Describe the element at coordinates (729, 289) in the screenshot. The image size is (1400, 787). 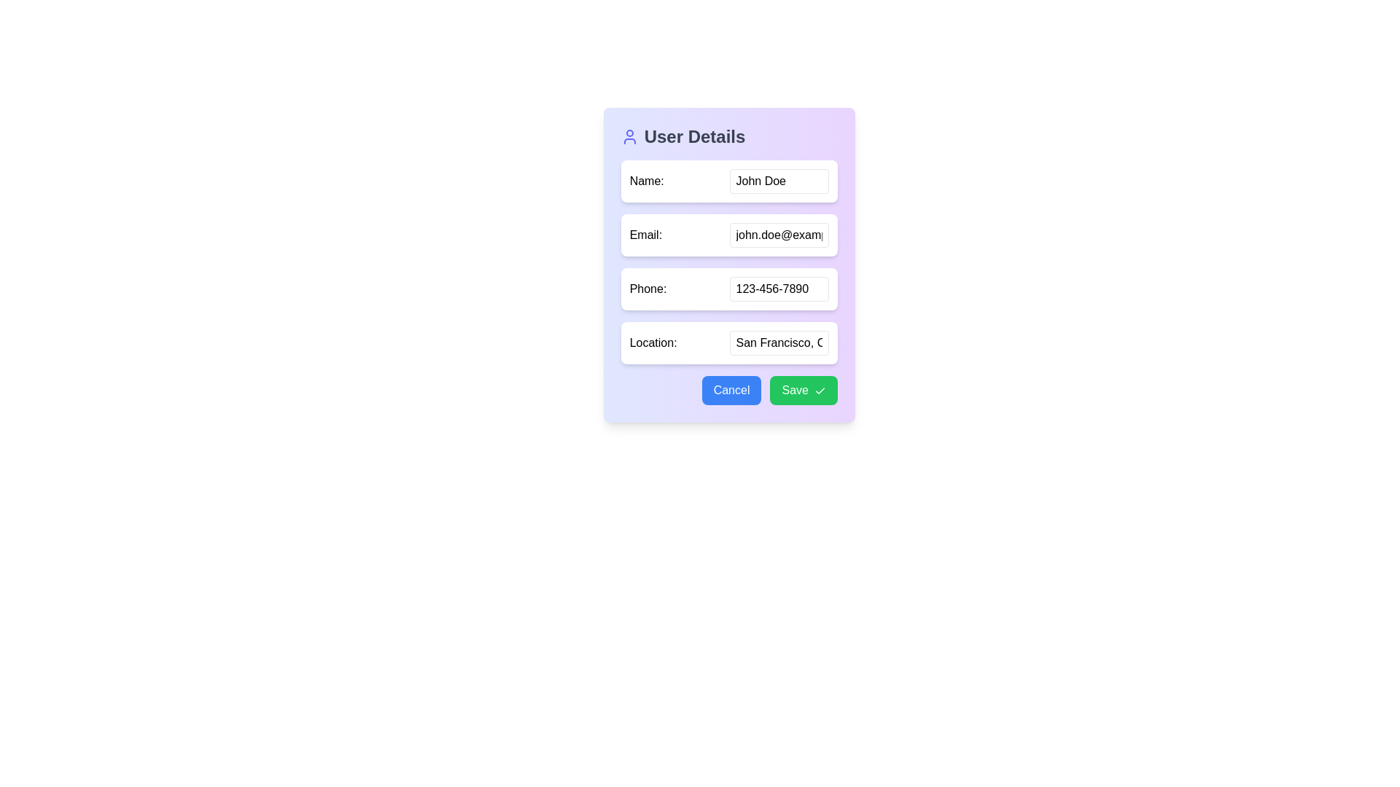
I see `the text input field labeled 'Phone:' to focus it` at that location.